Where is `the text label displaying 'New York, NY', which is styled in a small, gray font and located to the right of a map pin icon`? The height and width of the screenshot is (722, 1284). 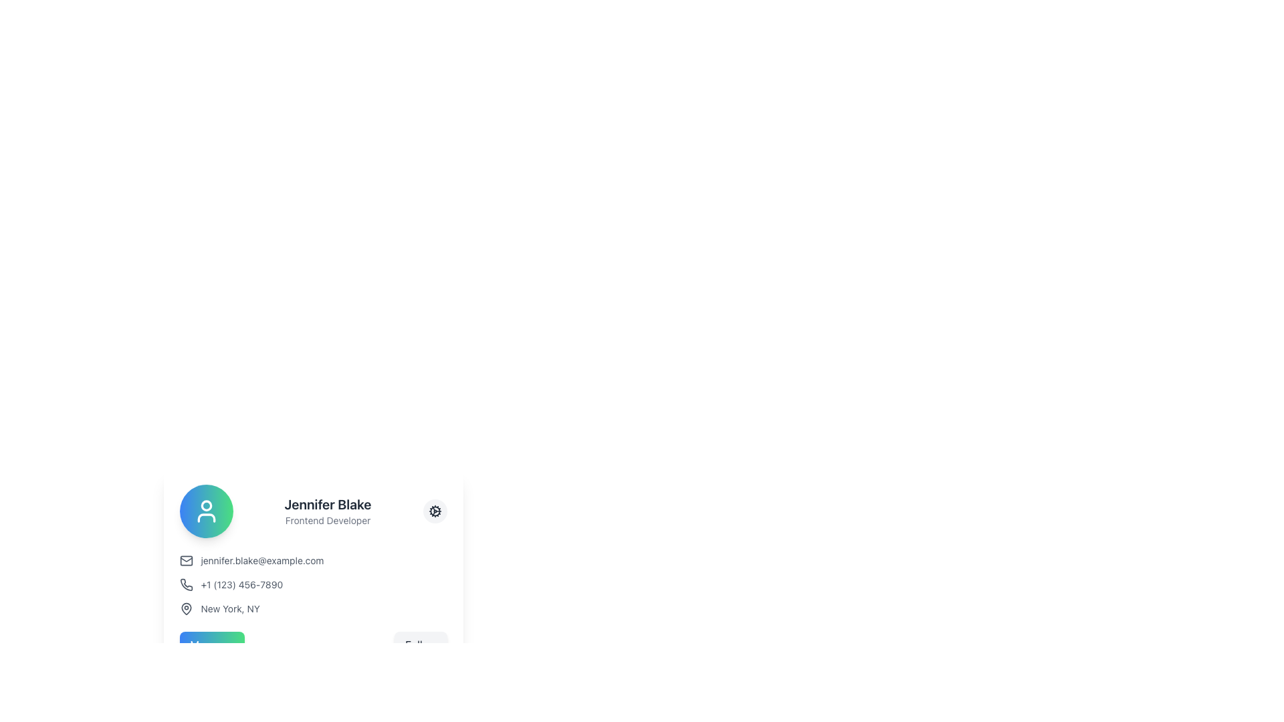 the text label displaying 'New York, NY', which is styled in a small, gray font and located to the right of a map pin icon is located at coordinates (230, 608).